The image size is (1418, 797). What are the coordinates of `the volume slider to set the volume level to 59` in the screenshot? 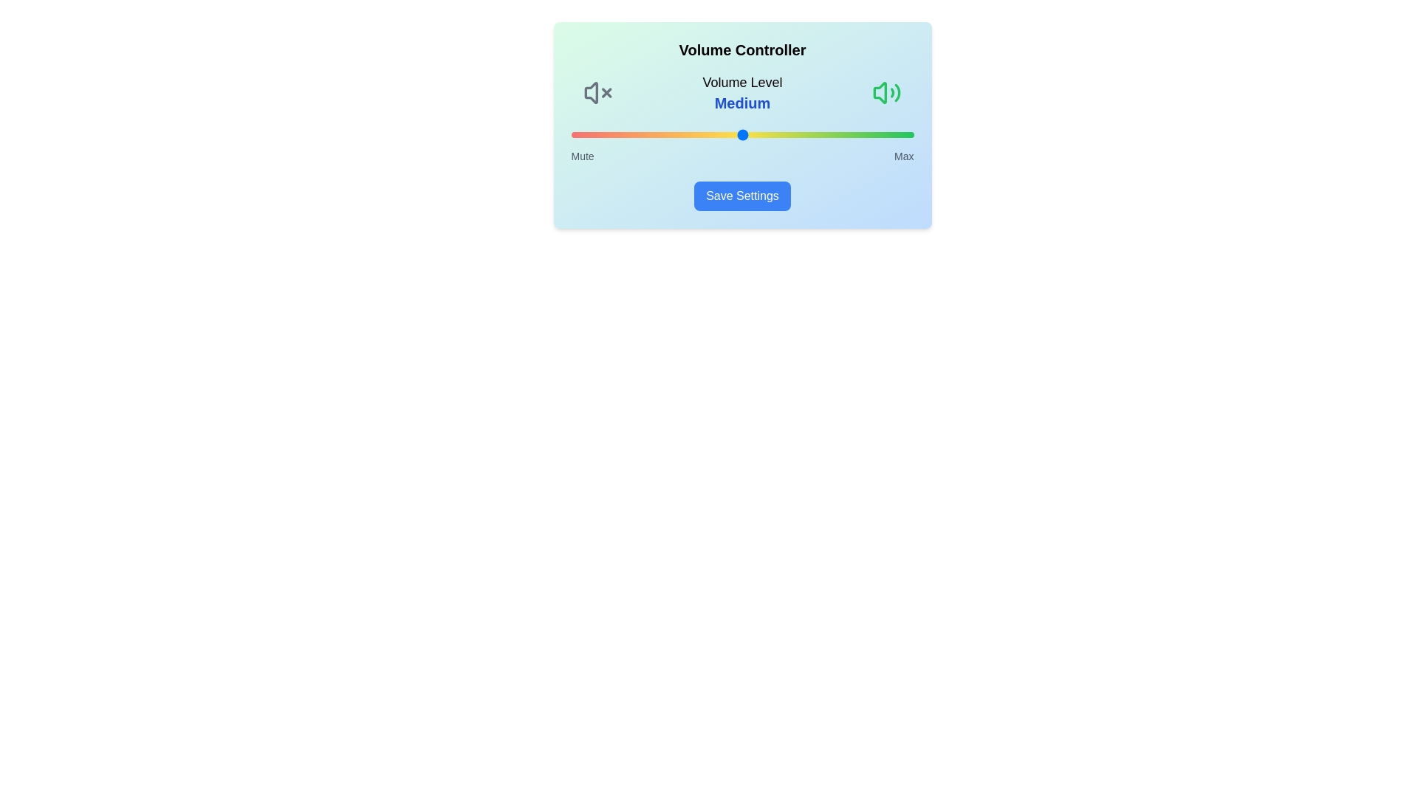 It's located at (773, 134).